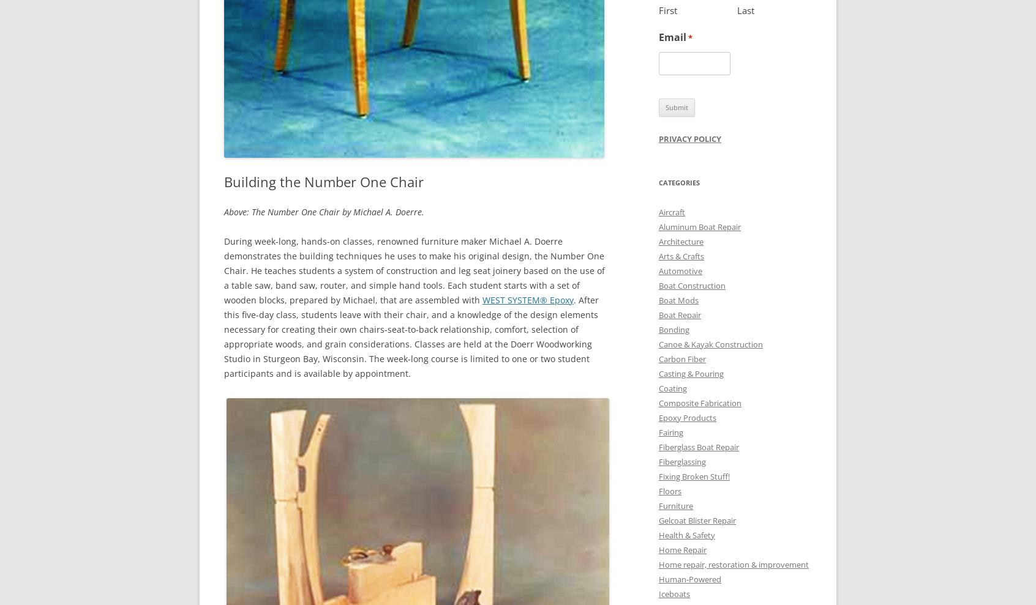 The image size is (1036, 605). What do you see at coordinates (668, 9) in the screenshot?
I see `'First'` at bounding box center [668, 9].